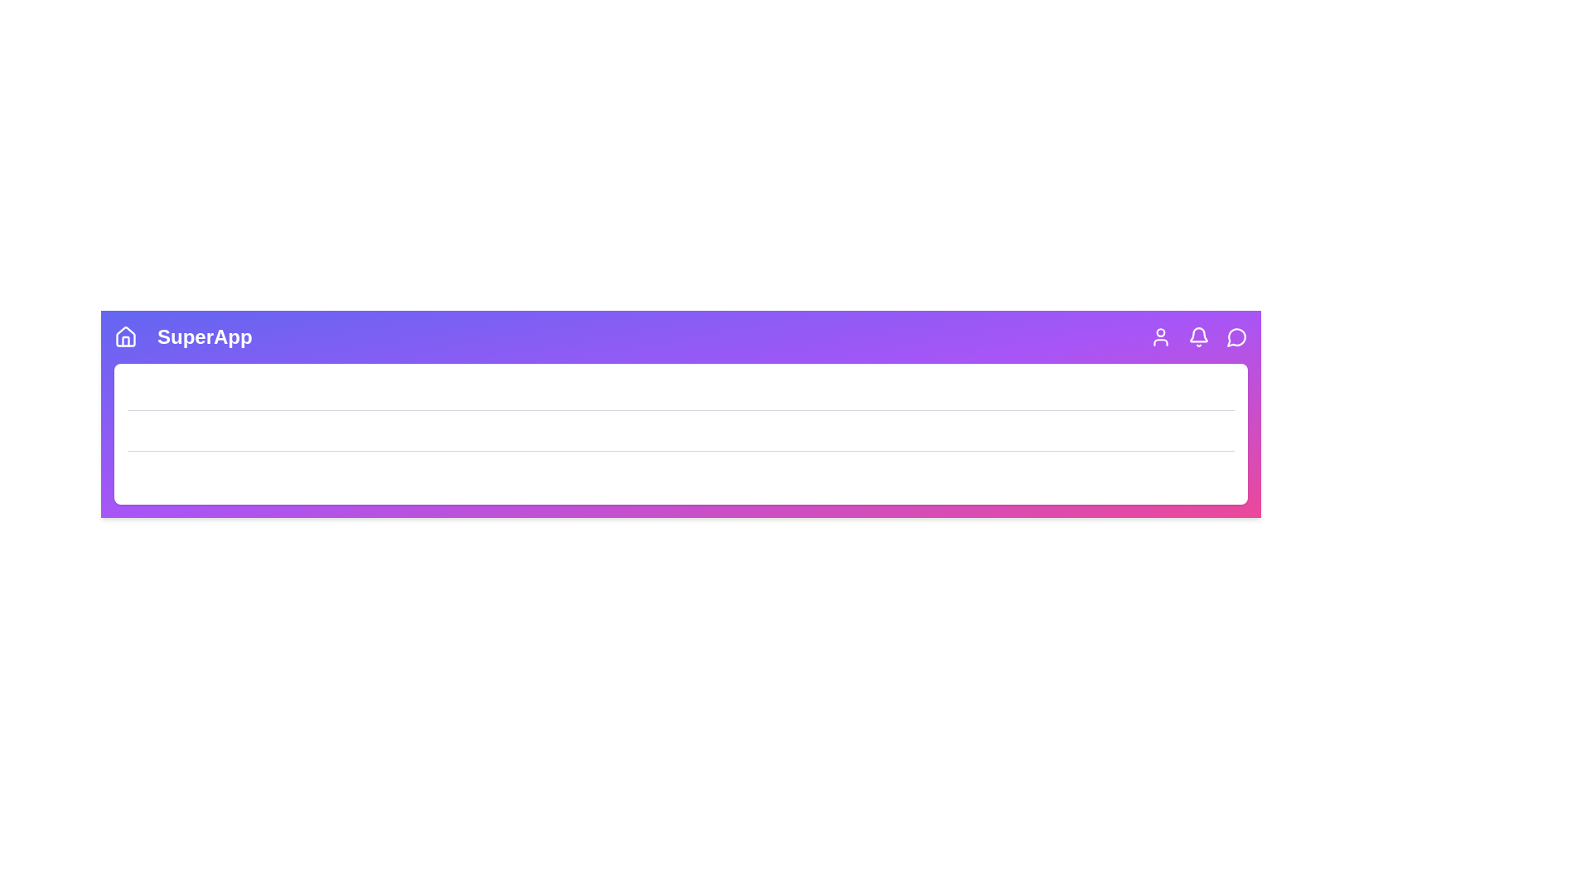 Image resolution: width=1591 pixels, height=895 pixels. Describe the element at coordinates (1160, 336) in the screenshot. I see `the user icon to access the user profile section` at that location.